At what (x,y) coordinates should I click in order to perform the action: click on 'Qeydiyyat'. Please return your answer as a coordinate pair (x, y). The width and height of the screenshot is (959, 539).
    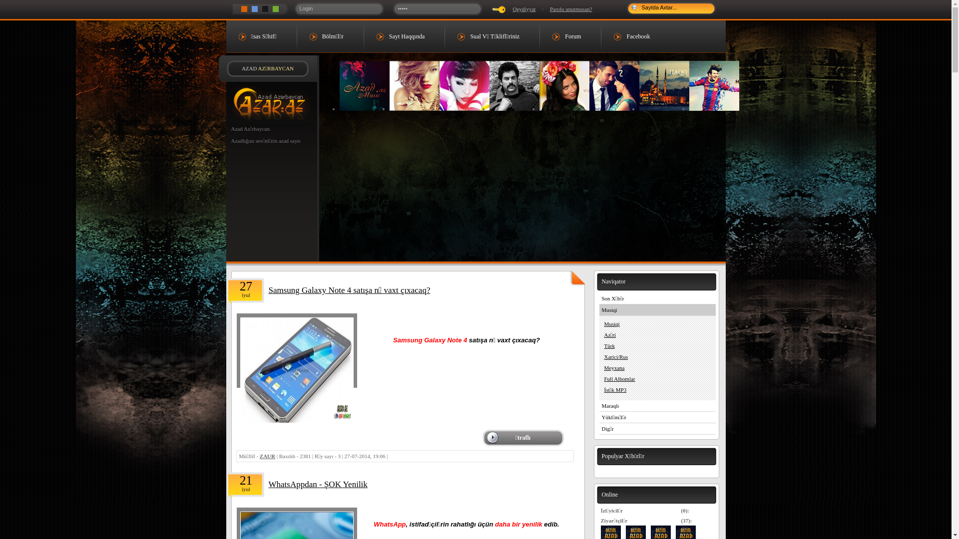
    Looking at the image, I should click on (523, 9).